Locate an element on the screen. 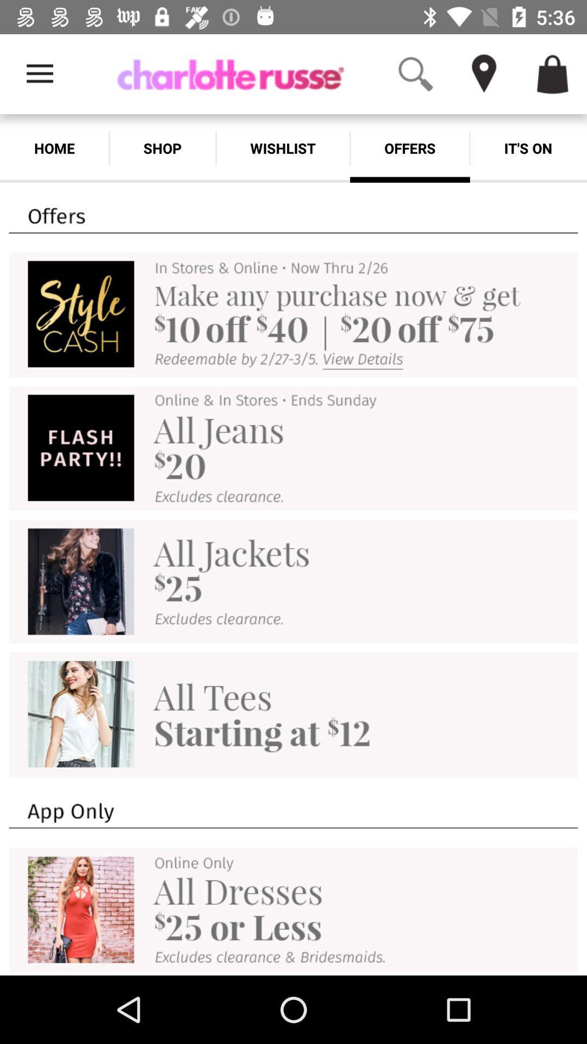 The height and width of the screenshot is (1044, 587). the app to the right of shop item is located at coordinates (282, 148).